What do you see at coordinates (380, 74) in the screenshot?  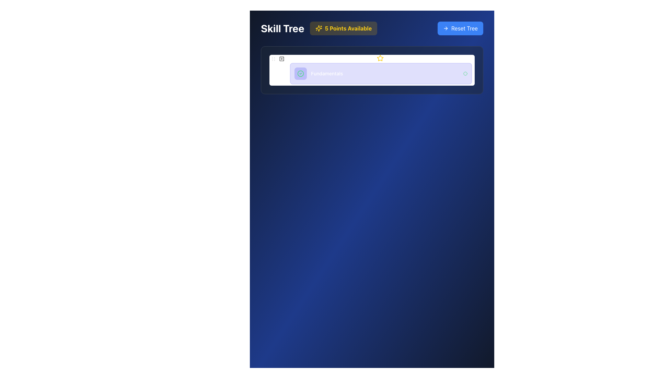 I see `the first skill item in the skill tree` at bounding box center [380, 74].